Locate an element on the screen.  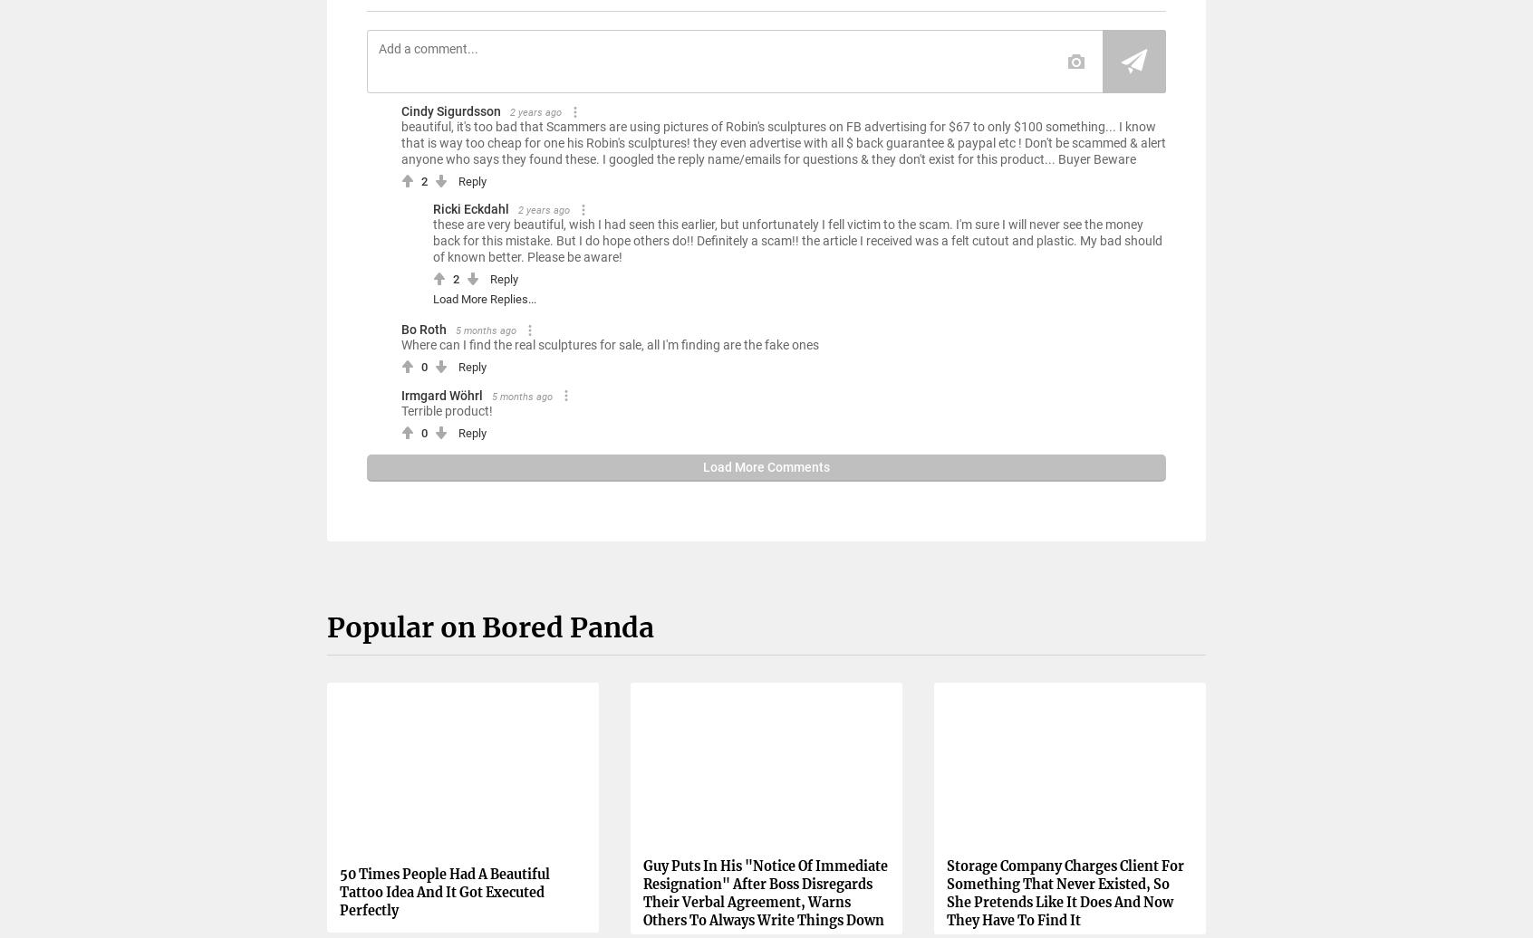
'Load More Replies...' is located at coordinates (485, 298).